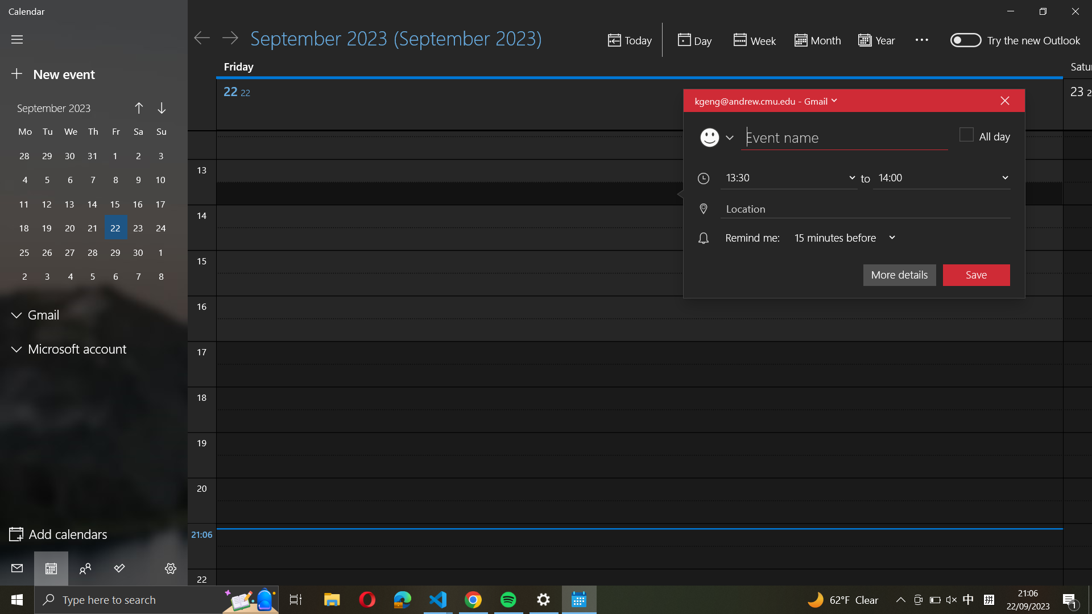  What do you see at coordinates (840, 238) in the screenshot?
I see `Adjust event notification to ring 30 minutes beforehand` at bounding box center [840, 238].